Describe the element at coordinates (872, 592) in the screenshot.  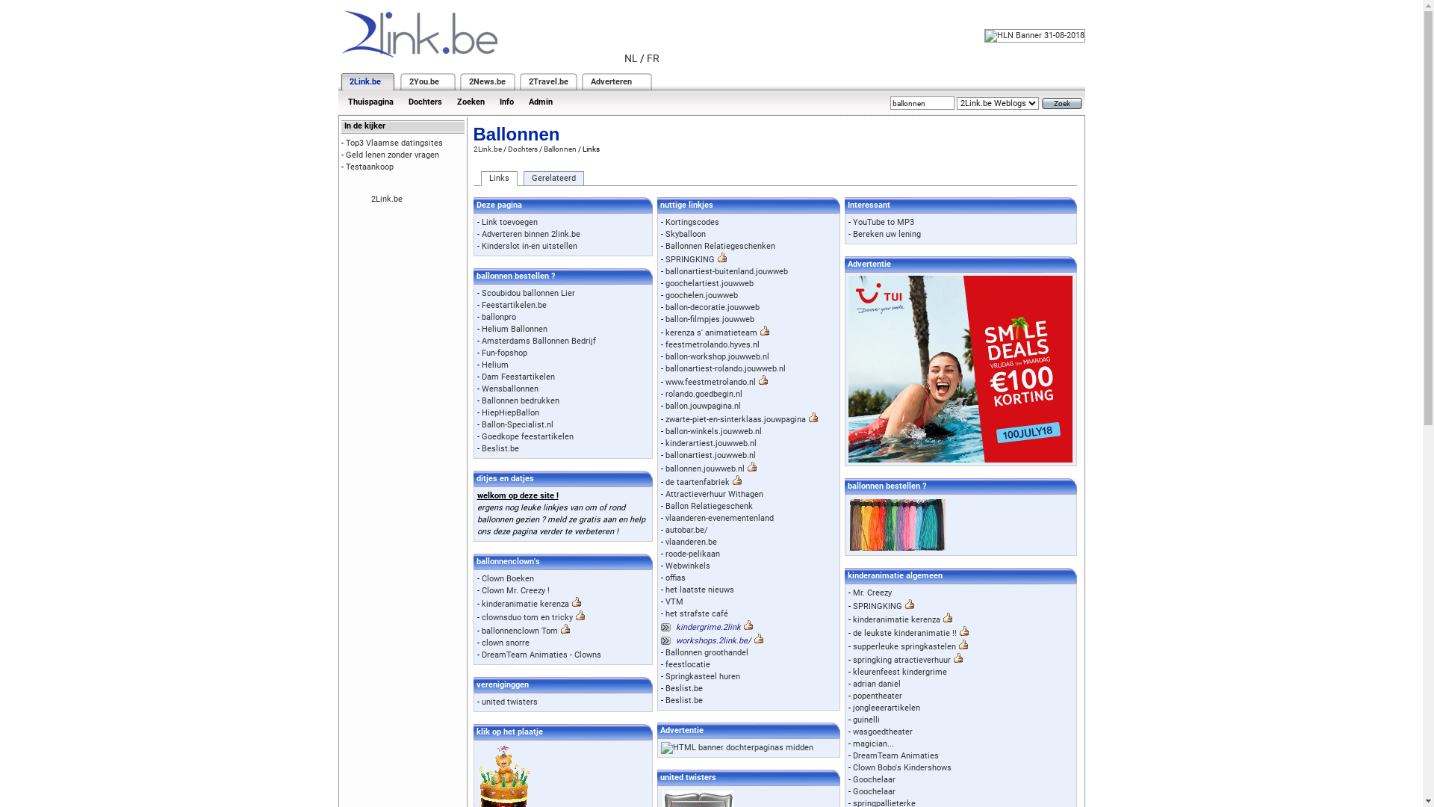
I see `'Mr. Creezy'` at that location.